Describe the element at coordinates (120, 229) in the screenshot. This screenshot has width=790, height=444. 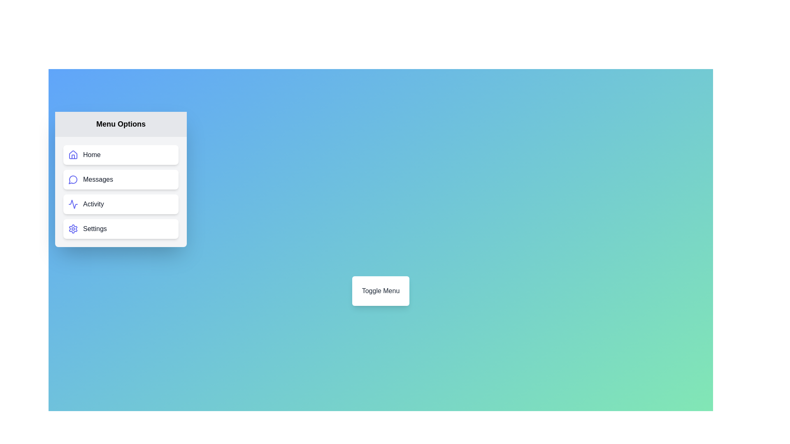
I see `the menu item labeled Settings to observe its hover effect` at that location.